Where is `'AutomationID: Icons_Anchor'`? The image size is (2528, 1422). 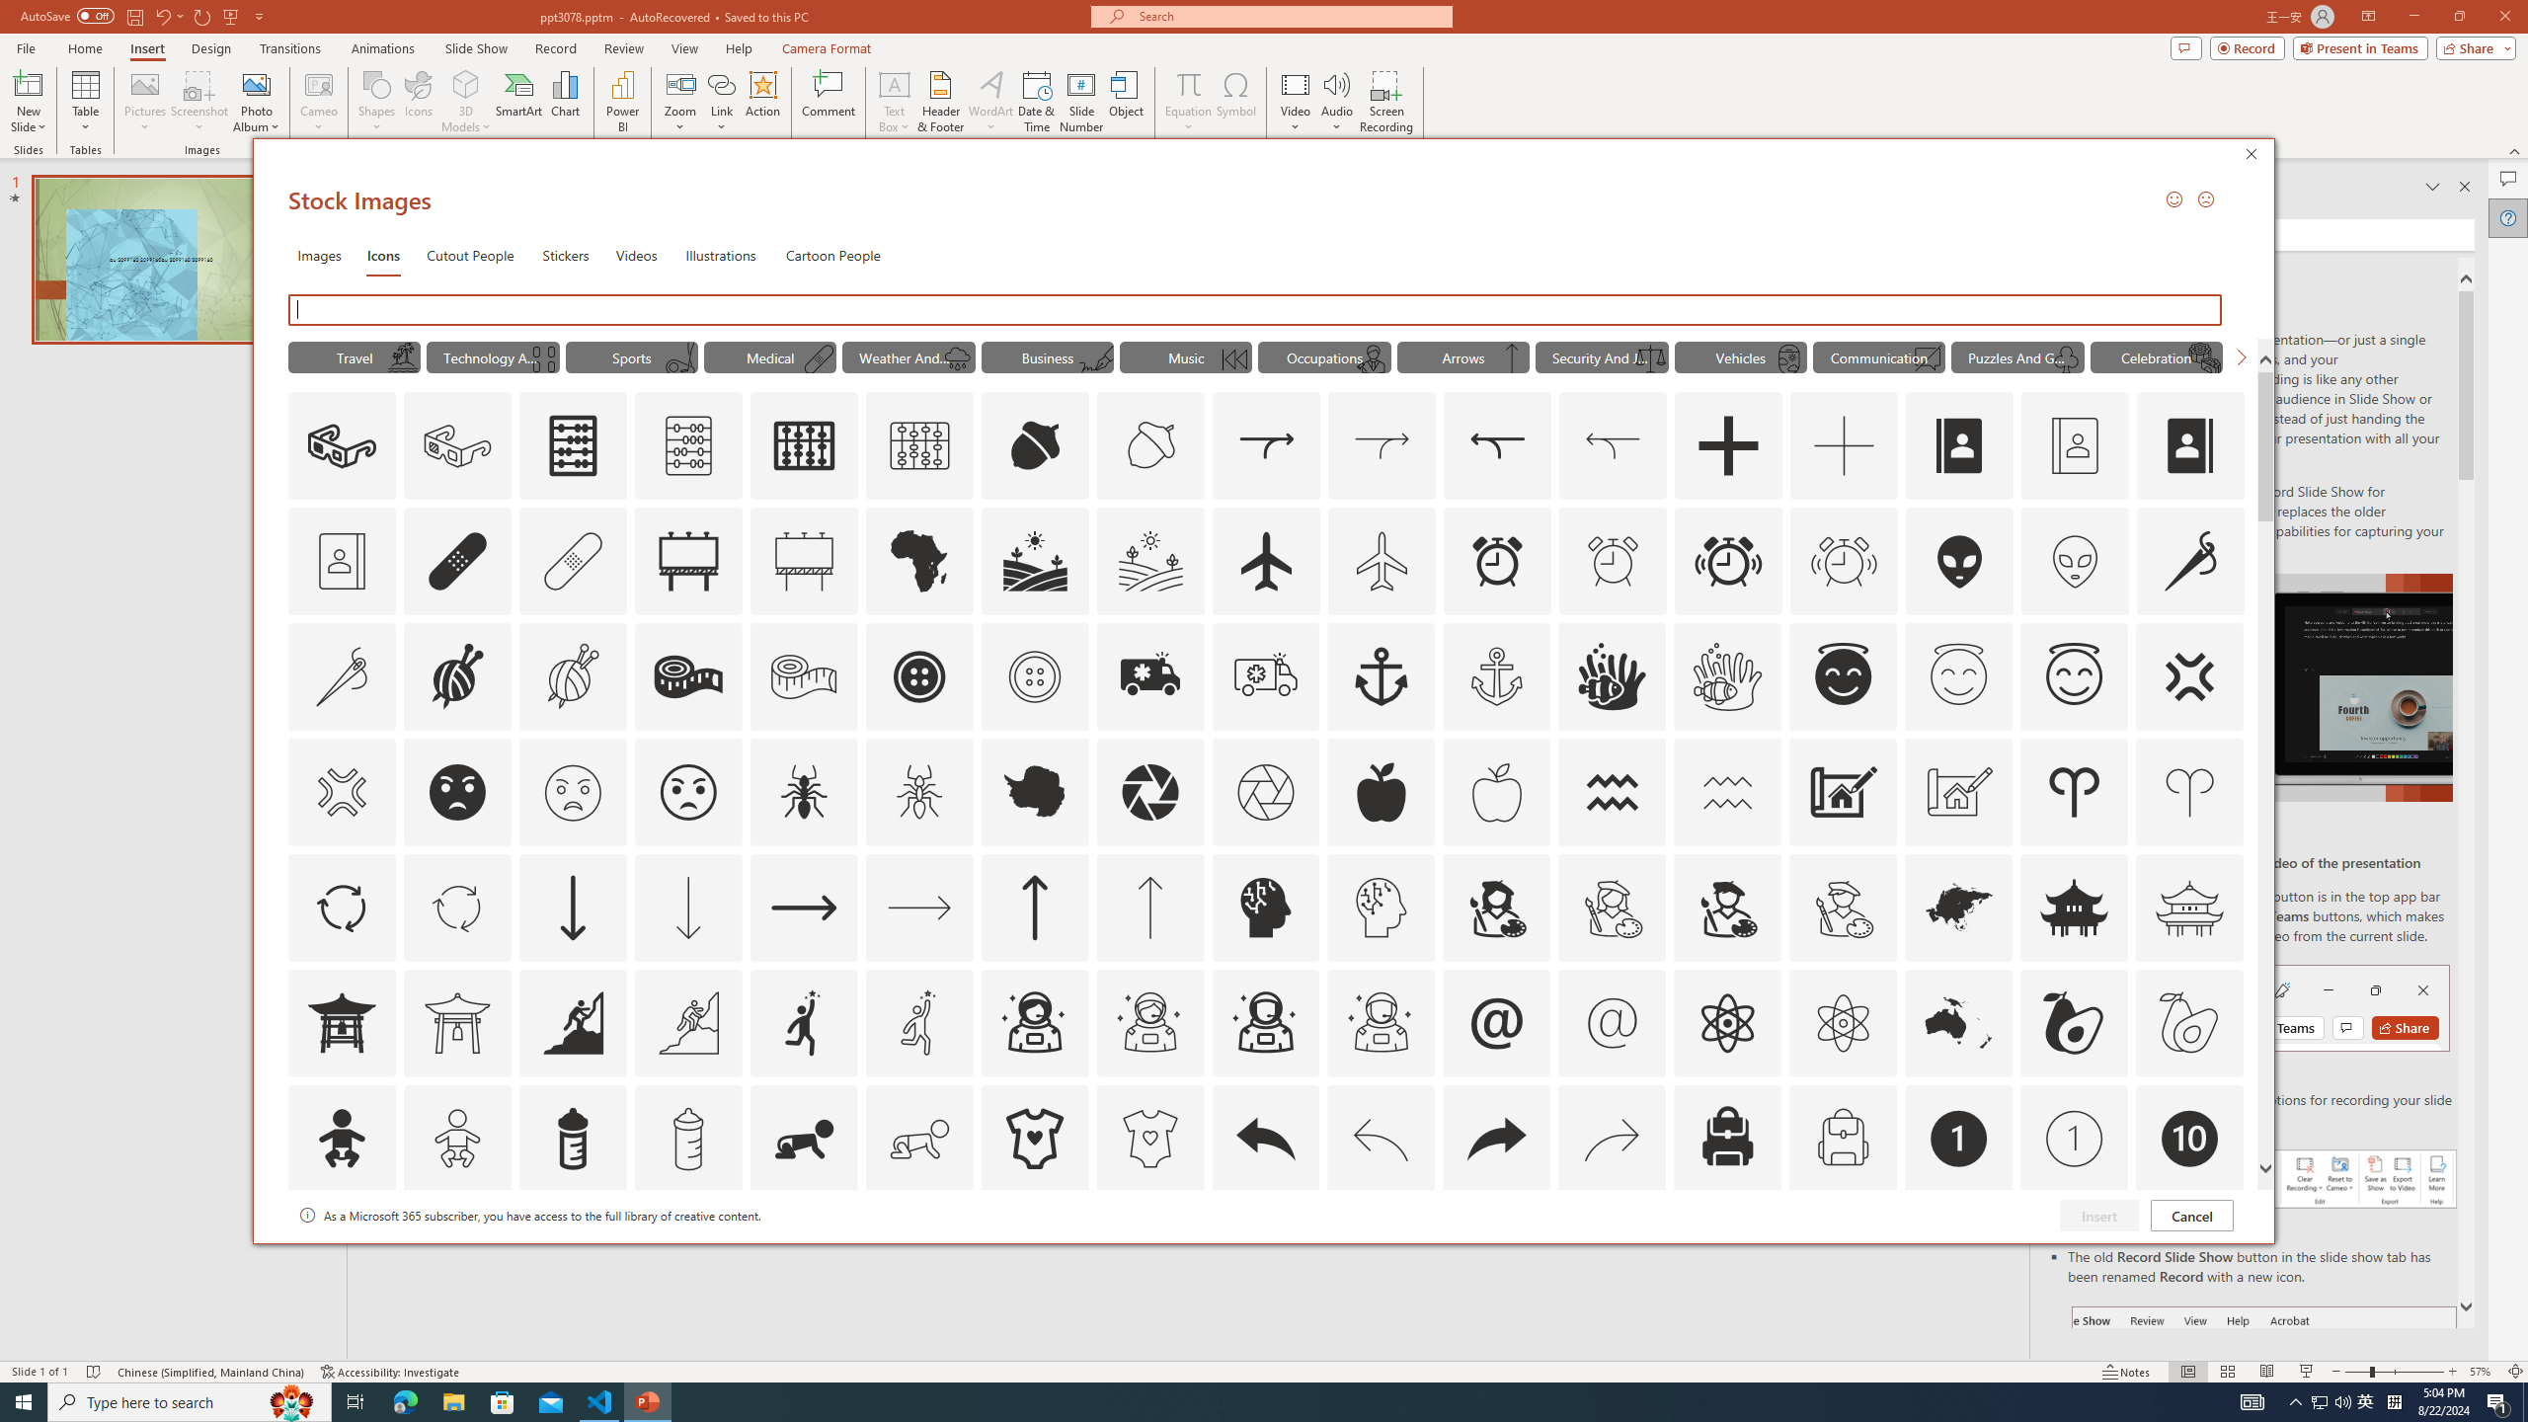
'AutomationID: Icons_Anchor' is located at coordinates (1381, 676).